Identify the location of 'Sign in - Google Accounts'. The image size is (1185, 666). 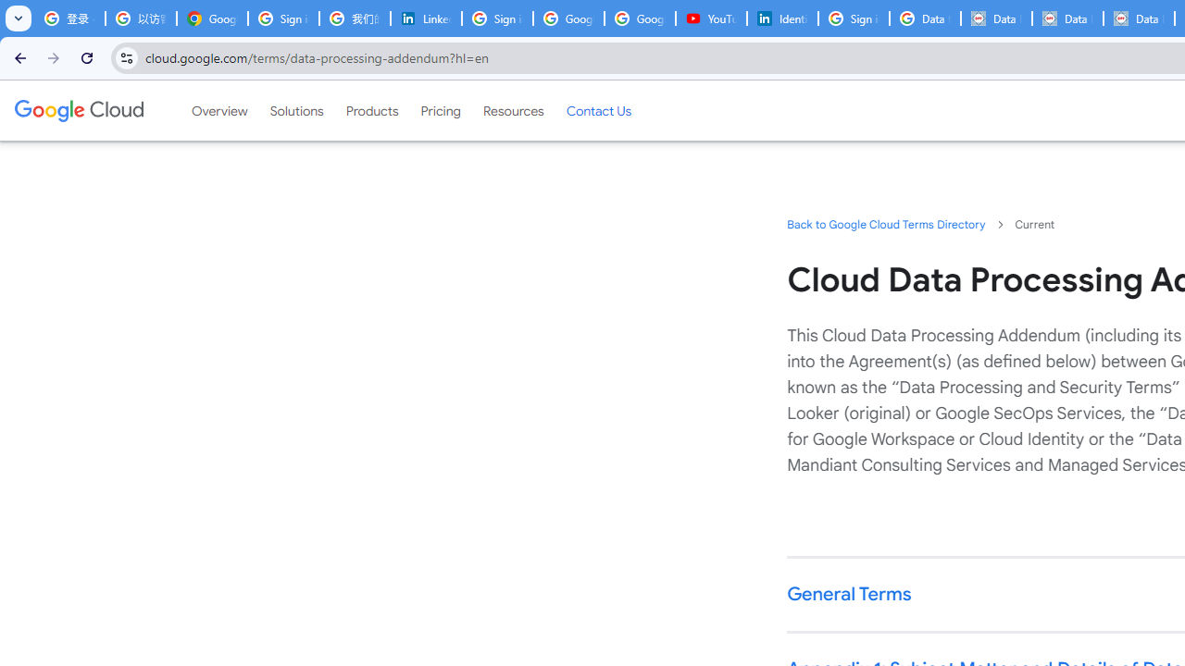
(282, 18).